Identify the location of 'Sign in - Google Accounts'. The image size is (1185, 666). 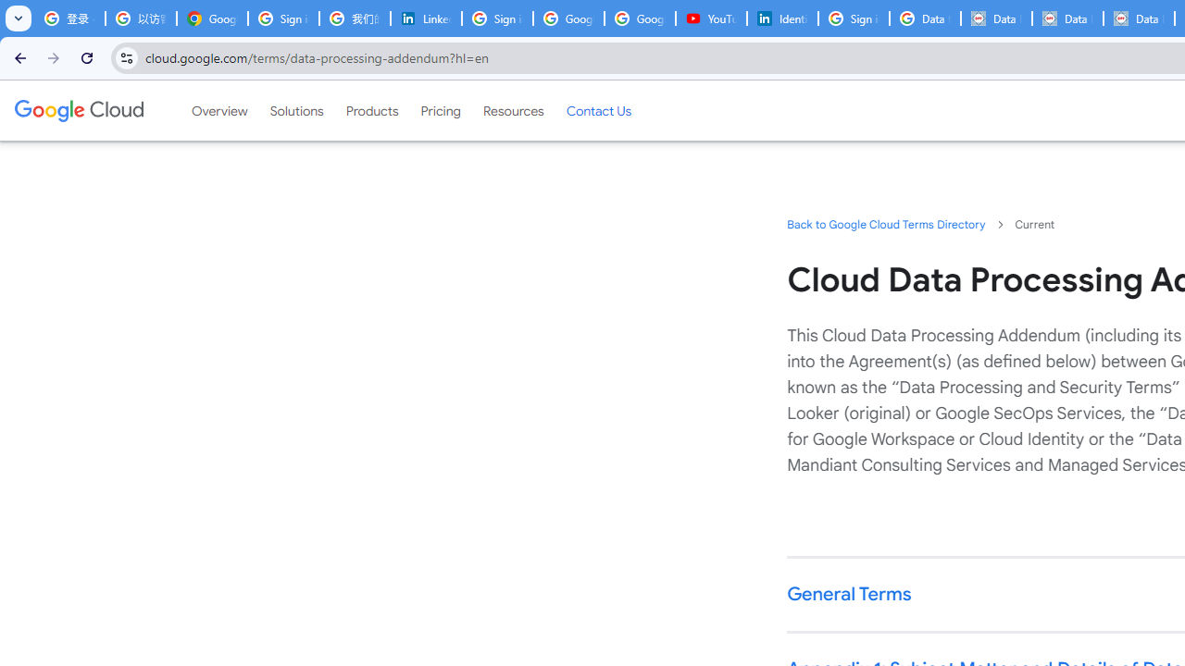
(282, 18).